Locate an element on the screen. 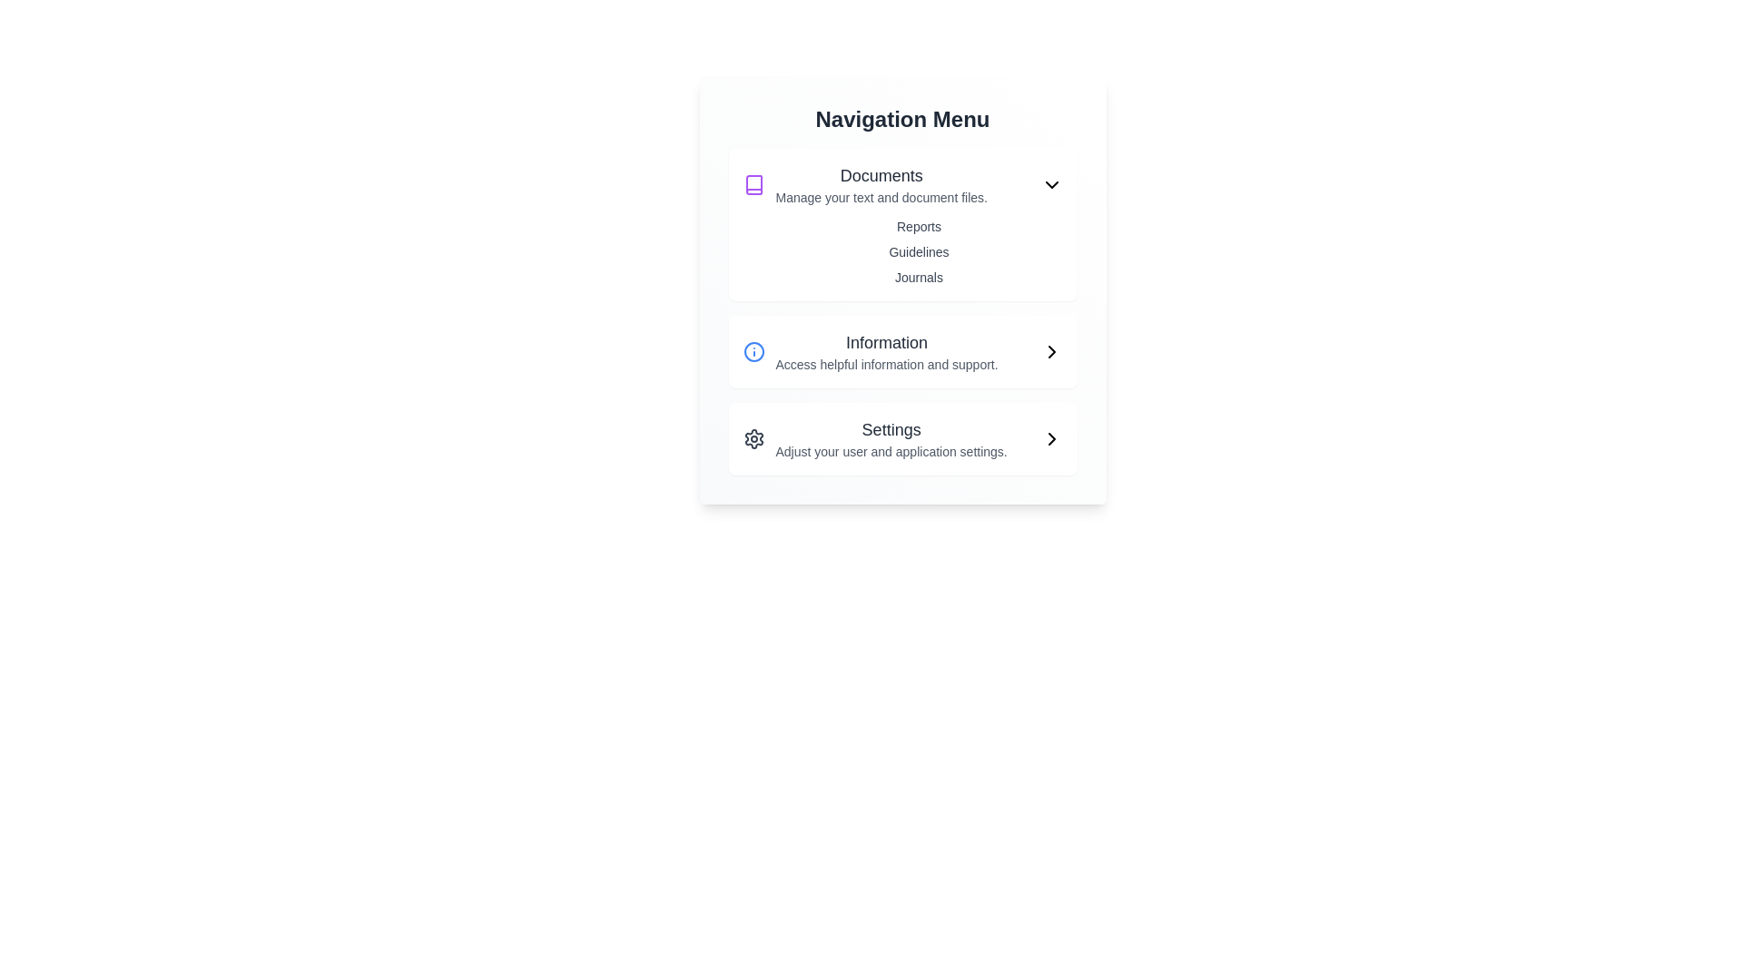 The image size is (1743, 980). the 'Settings' text element, which is displayed in bold, medium-sized dark gray font, located near the center of a card-like section titled 'Settings Adjust your user and application settings.' is located at coordinates (891, 430).